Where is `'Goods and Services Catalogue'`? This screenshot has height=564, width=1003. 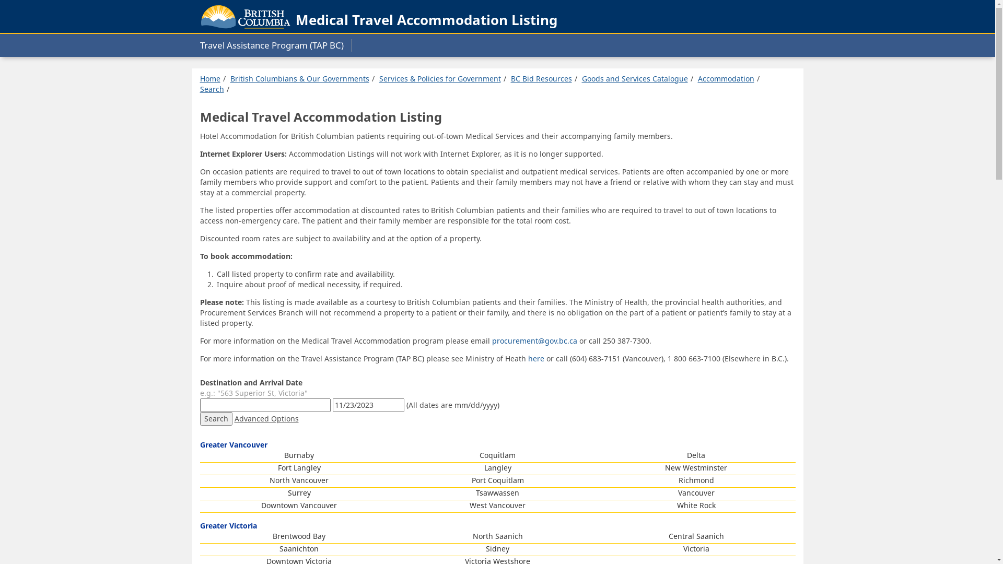 'Goods and Services Catalogue' is located at coordinates (581, 78).